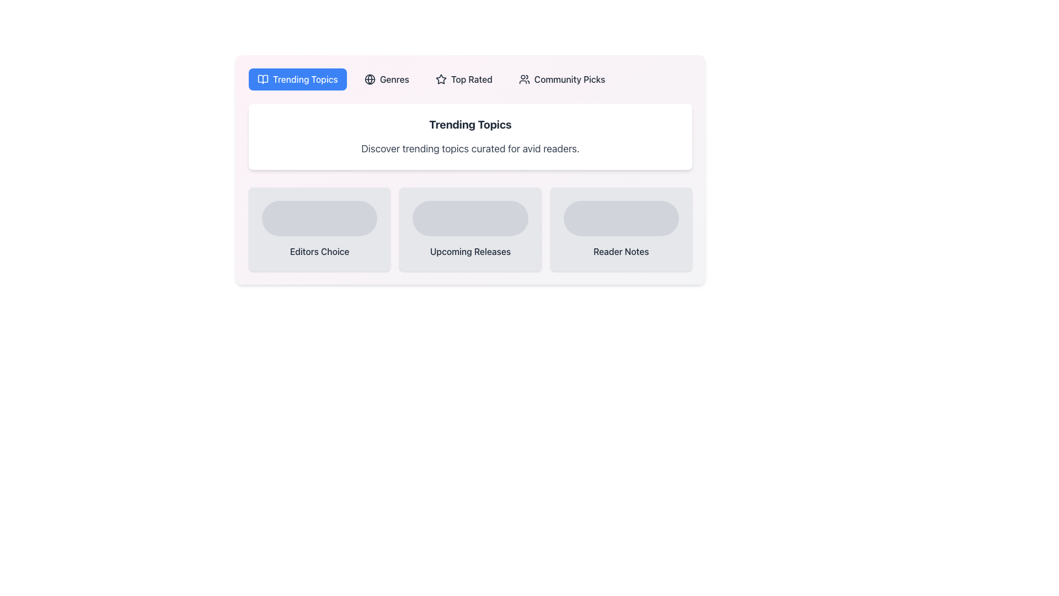 The width and height of the screenshot is (1059, 596). I want to click on the community icon, which represents a group of people with a minimalist outlined design, located next to the text 'Community Picks', so click(523, 78).